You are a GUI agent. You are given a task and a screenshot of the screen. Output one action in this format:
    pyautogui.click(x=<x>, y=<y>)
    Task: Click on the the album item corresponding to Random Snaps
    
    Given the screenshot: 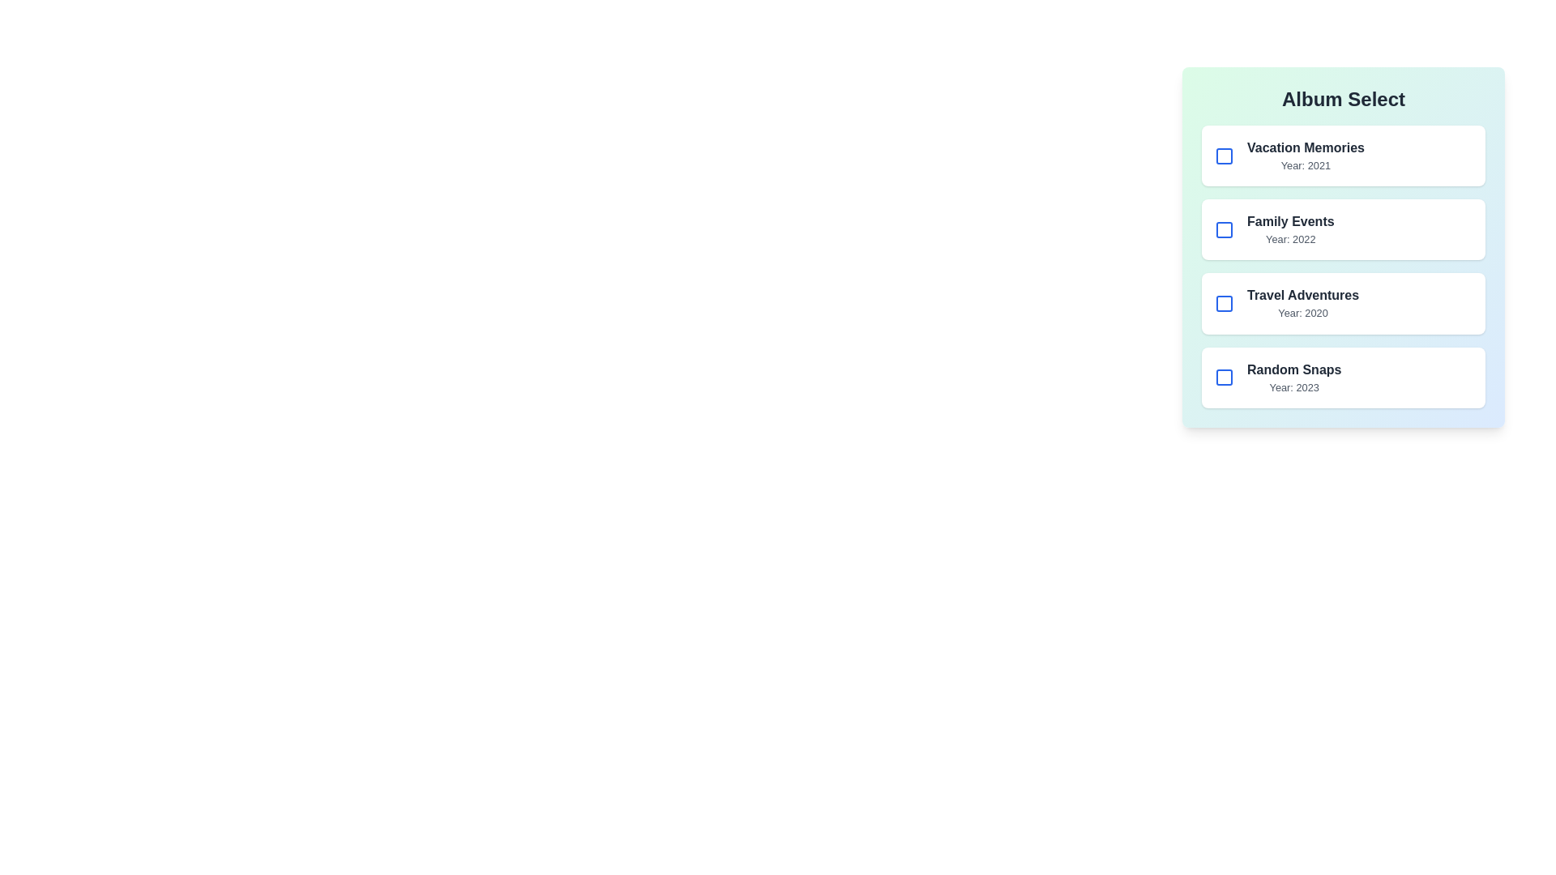 What is the action you would take?
    pyautogui.click(x=1343, y=378)
    